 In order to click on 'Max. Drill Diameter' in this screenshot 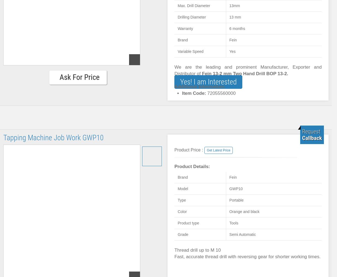, I will do `click(194, 5)`.